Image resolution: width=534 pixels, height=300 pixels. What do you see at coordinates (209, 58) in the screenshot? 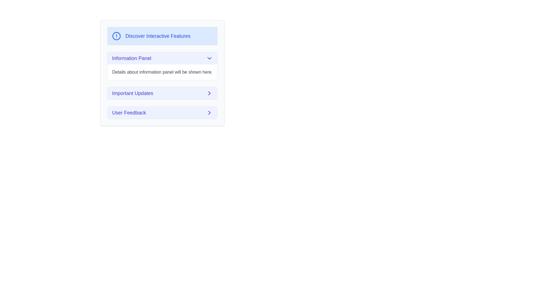
I see `the downward-facing chevron icon within the 'Information Panel'` at bounding box center [209, 58].